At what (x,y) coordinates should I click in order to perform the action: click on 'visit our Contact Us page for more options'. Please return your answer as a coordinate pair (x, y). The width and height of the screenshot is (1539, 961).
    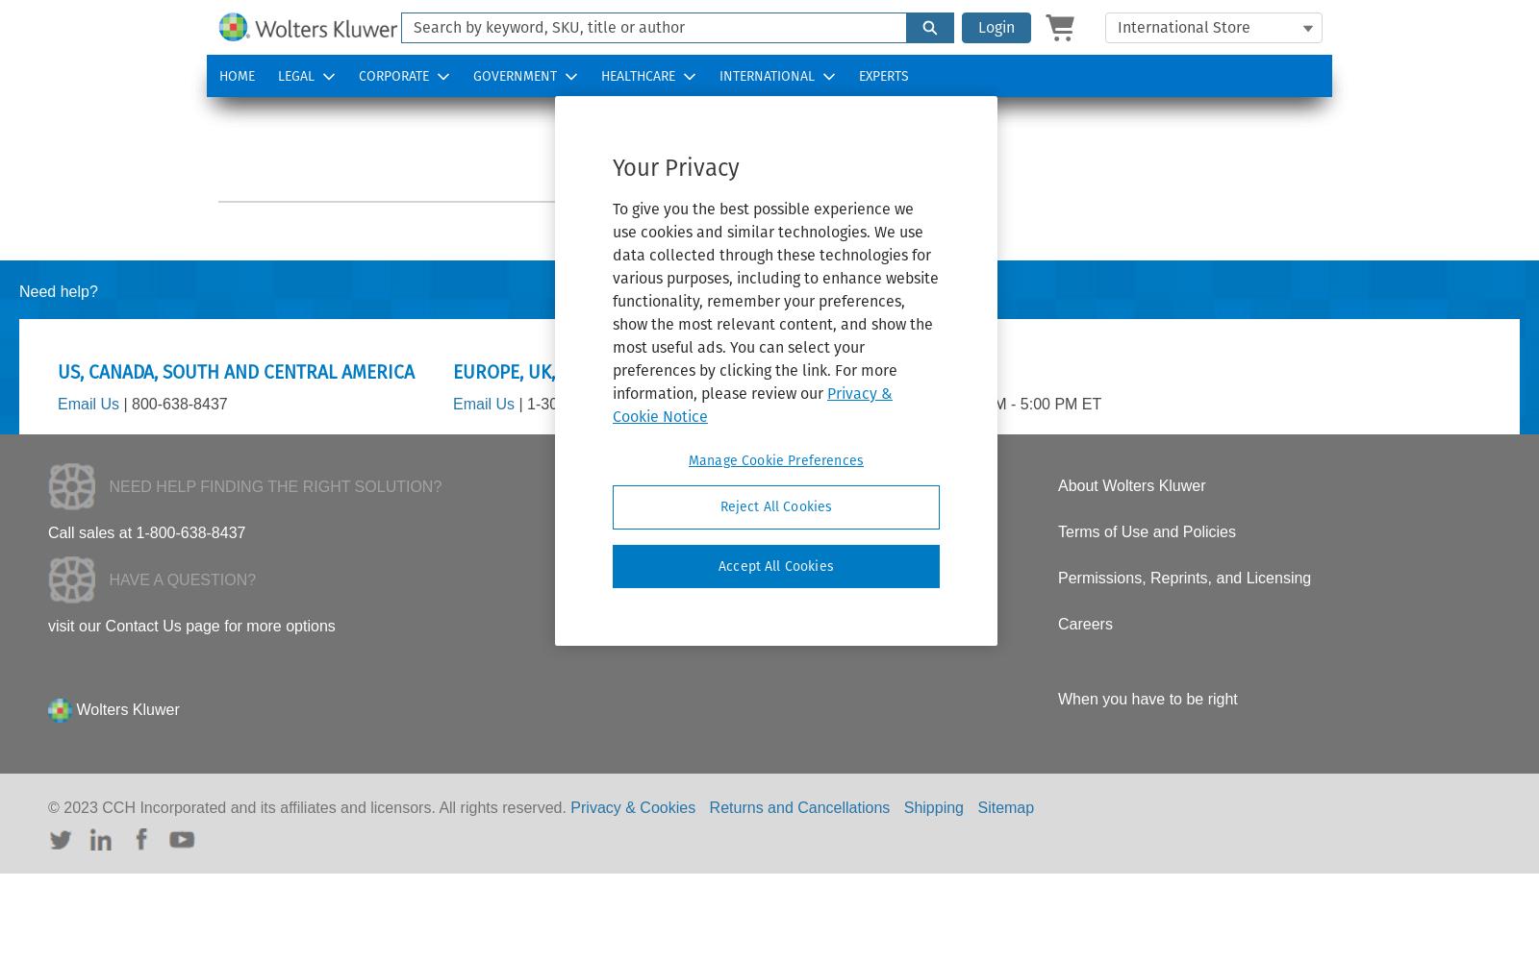
    Looking at the image, I should click on (46, 626).